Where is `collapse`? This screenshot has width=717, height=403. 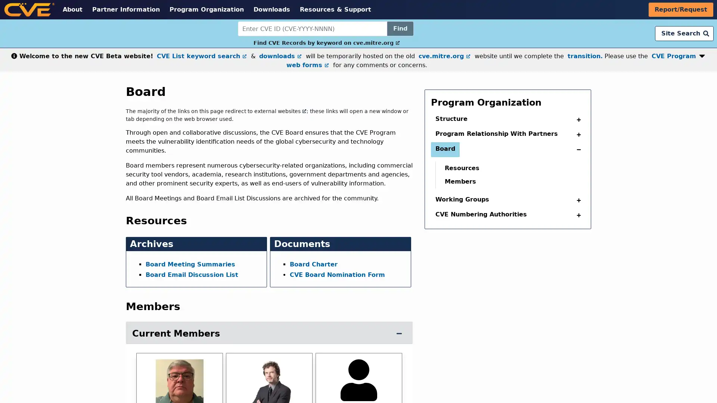
collapse is located at coordinates (577, 200).